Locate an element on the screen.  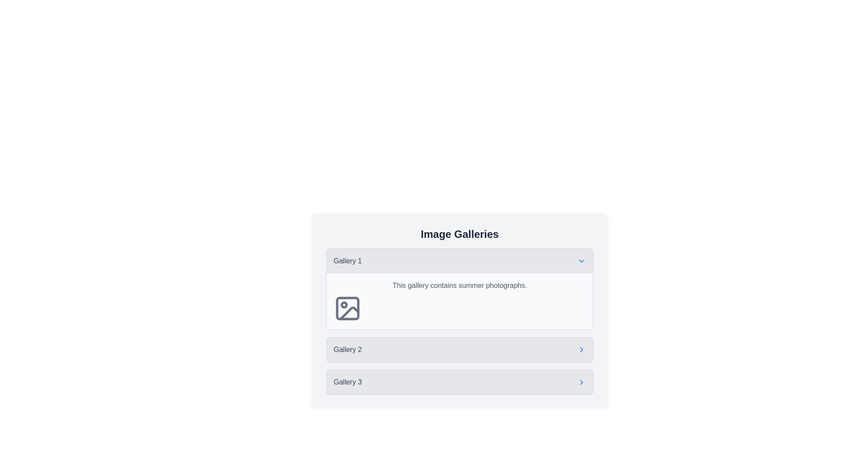
the chevron icon pointing to the right, which is visually associated with the 'Gallery 2' entry is located at coordinates (582, 349).